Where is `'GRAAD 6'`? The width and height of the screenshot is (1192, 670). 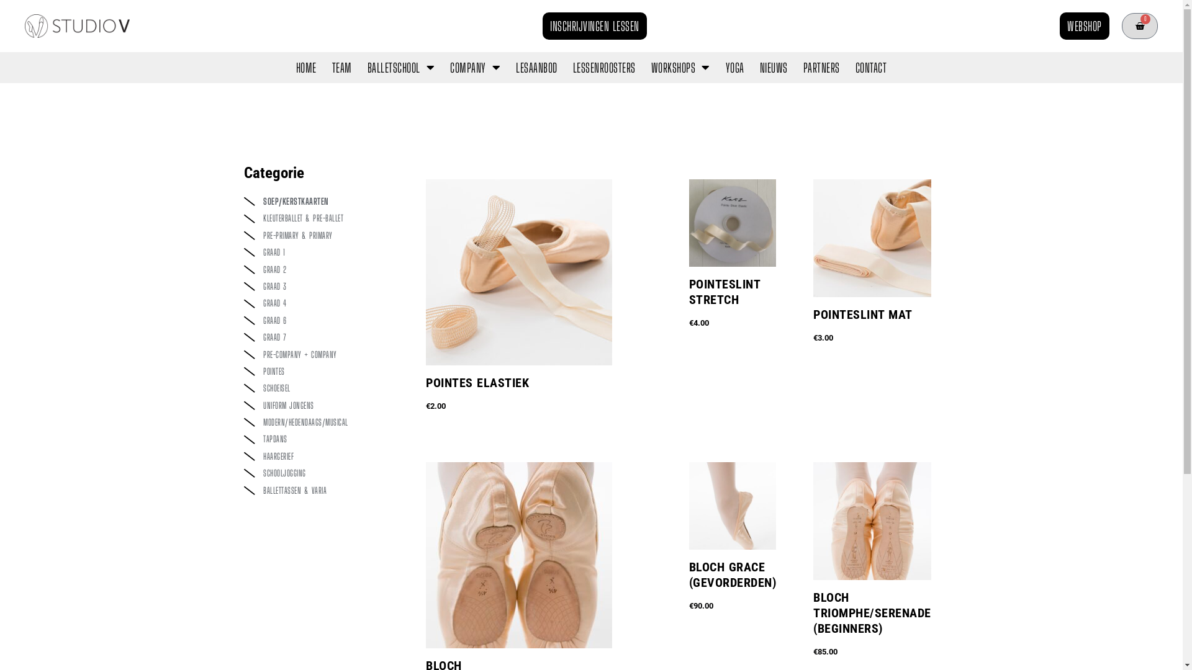
'GRAAD 6' is located at coordinates (322, 319).